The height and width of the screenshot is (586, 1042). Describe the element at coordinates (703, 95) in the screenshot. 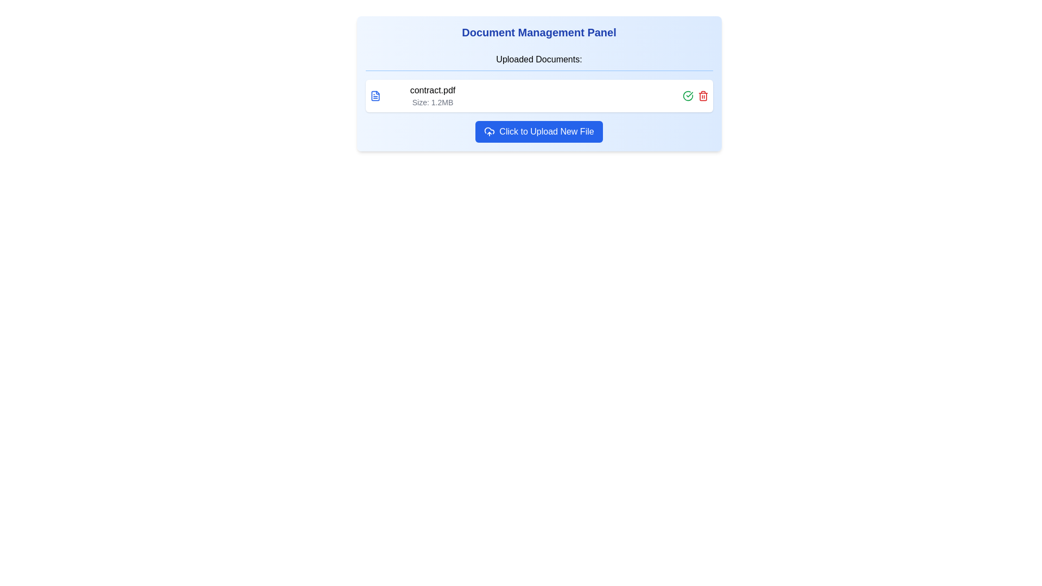

I see `the deletion button located to the right side of the document details row` at that location.